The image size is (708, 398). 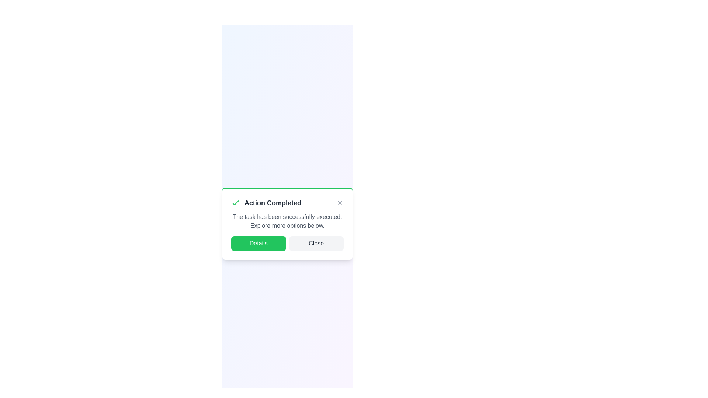 What do you see at coordinates (258, 243) in the screenshot?
I see `the 'Details' button to view more details` at bounding box center [258, 243].